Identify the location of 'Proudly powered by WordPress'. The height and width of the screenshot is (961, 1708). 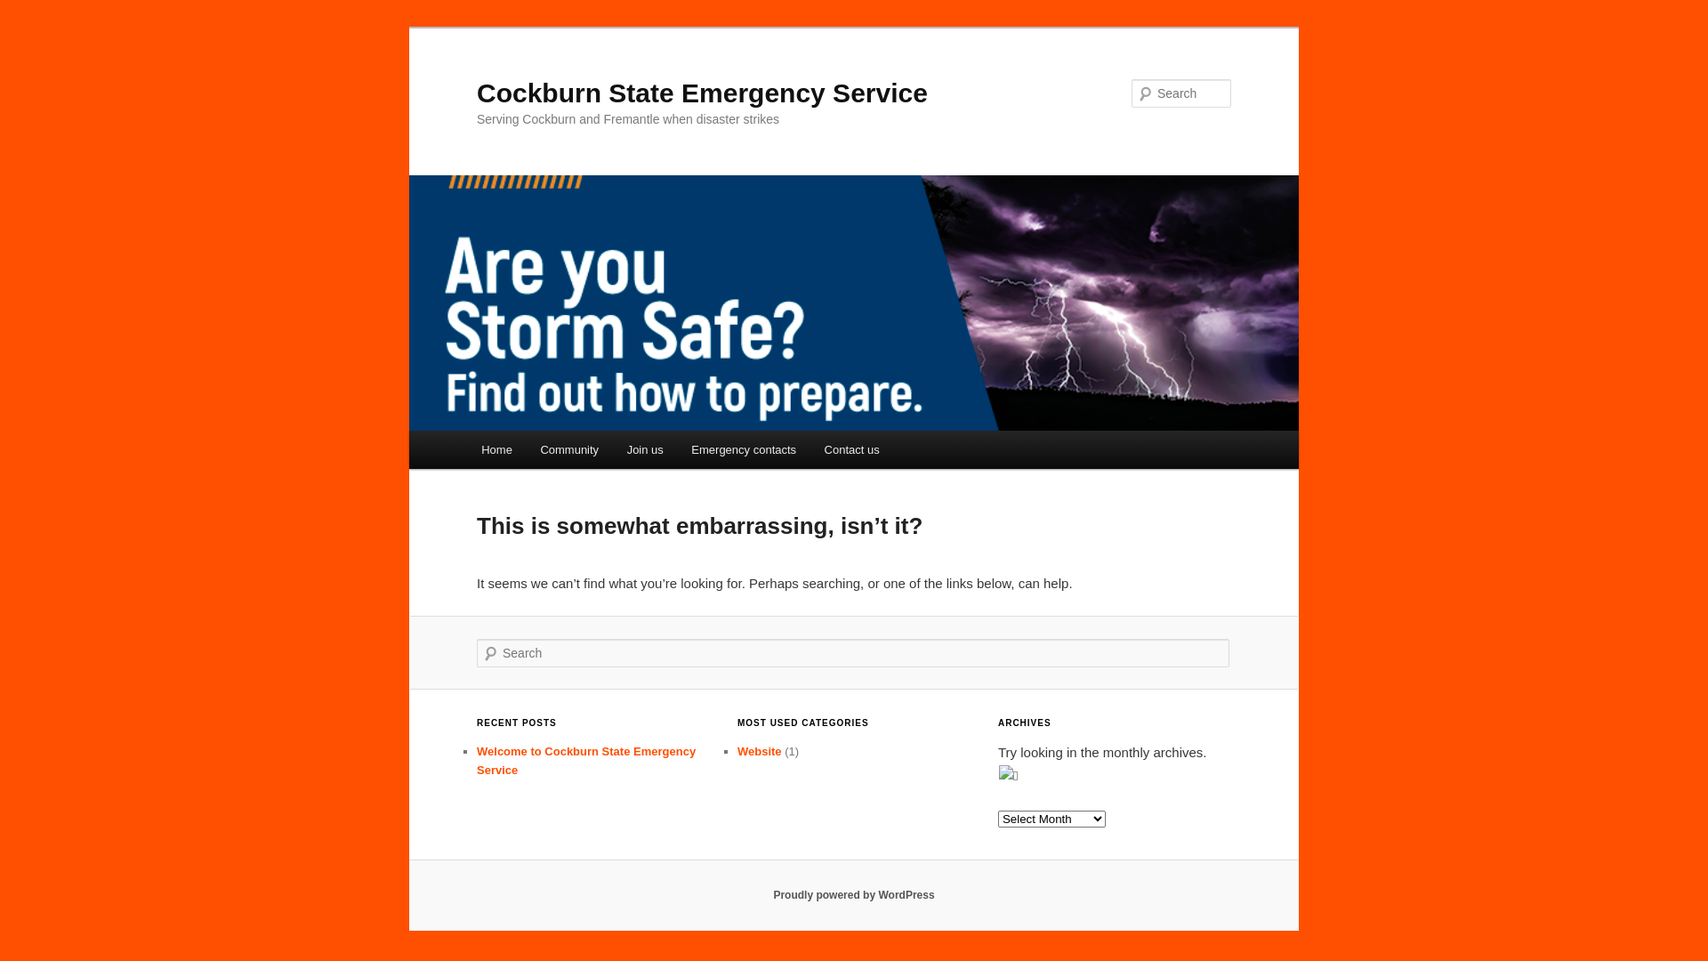
(772, 895).